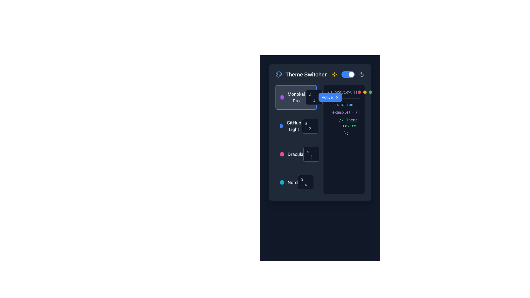 This screenshot has width=530, height=298. I want to click on the palette icon located at the top left of the interface, which is the first element in its grouping and positioned immediately to the left of the 'Theme Switcher' text, so click(279, 74).